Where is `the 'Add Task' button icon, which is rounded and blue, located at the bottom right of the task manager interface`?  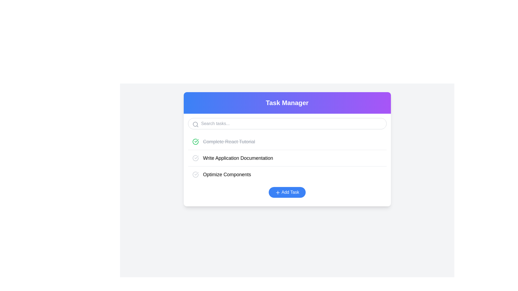
the 'Add Task' button icon, which is rounded and blue, located at the bottom right of the task manager interface is located at coordinates (278, 192).